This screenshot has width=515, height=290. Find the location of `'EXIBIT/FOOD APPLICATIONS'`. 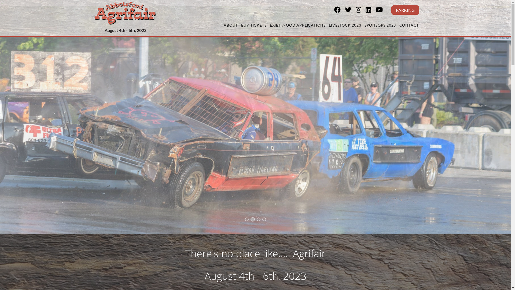

'EXIBIT/FOOD APPLICATIONS' is located at coordinates (297, 26).